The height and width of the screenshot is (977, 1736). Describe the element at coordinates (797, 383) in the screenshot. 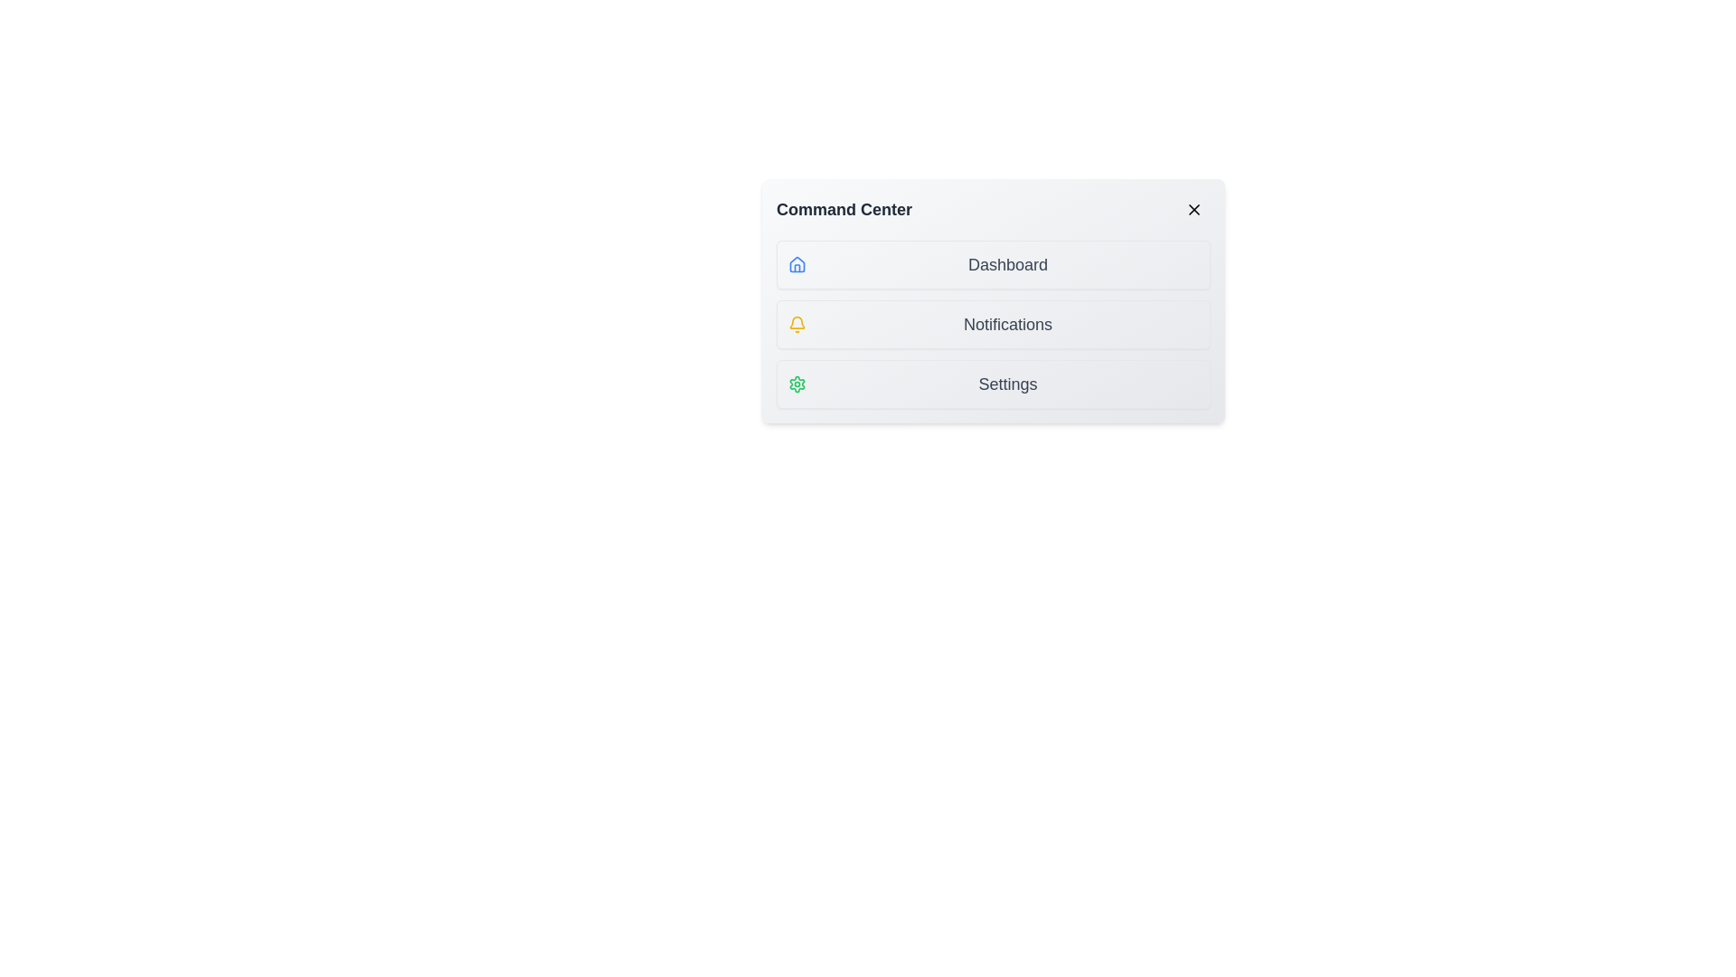

I see `the SVG settings icon located in the 'Settings' row of the menu panel at the bottom of the list, below the 'Dashboard' and 'Notifications' rows` at that location.